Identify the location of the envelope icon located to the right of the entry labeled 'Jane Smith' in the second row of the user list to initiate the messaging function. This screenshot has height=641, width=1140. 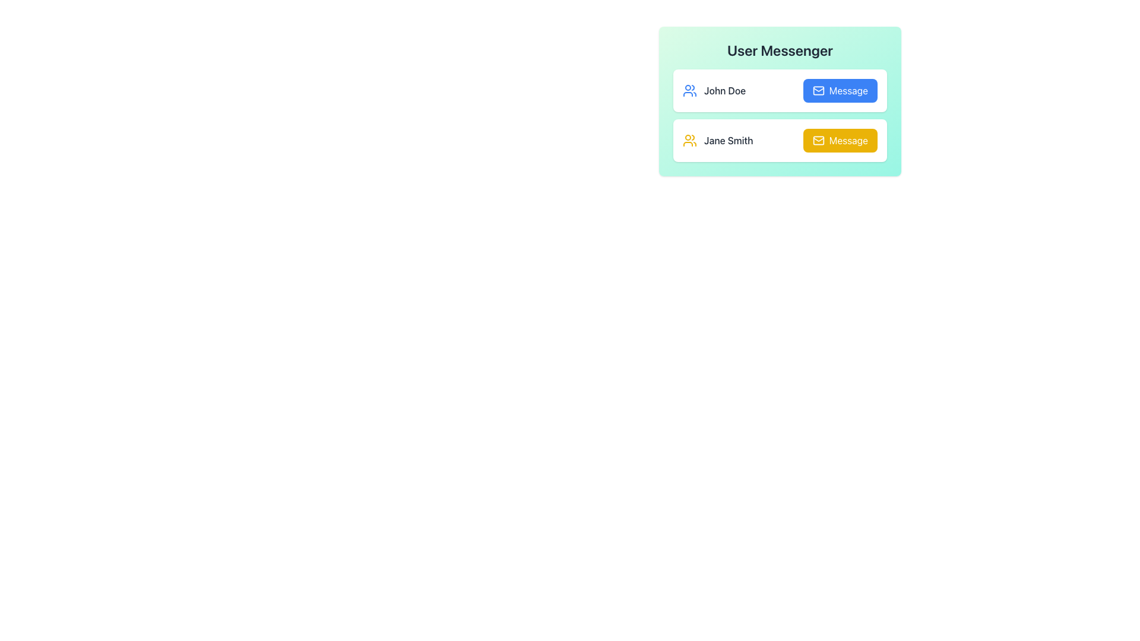
(818, 139).